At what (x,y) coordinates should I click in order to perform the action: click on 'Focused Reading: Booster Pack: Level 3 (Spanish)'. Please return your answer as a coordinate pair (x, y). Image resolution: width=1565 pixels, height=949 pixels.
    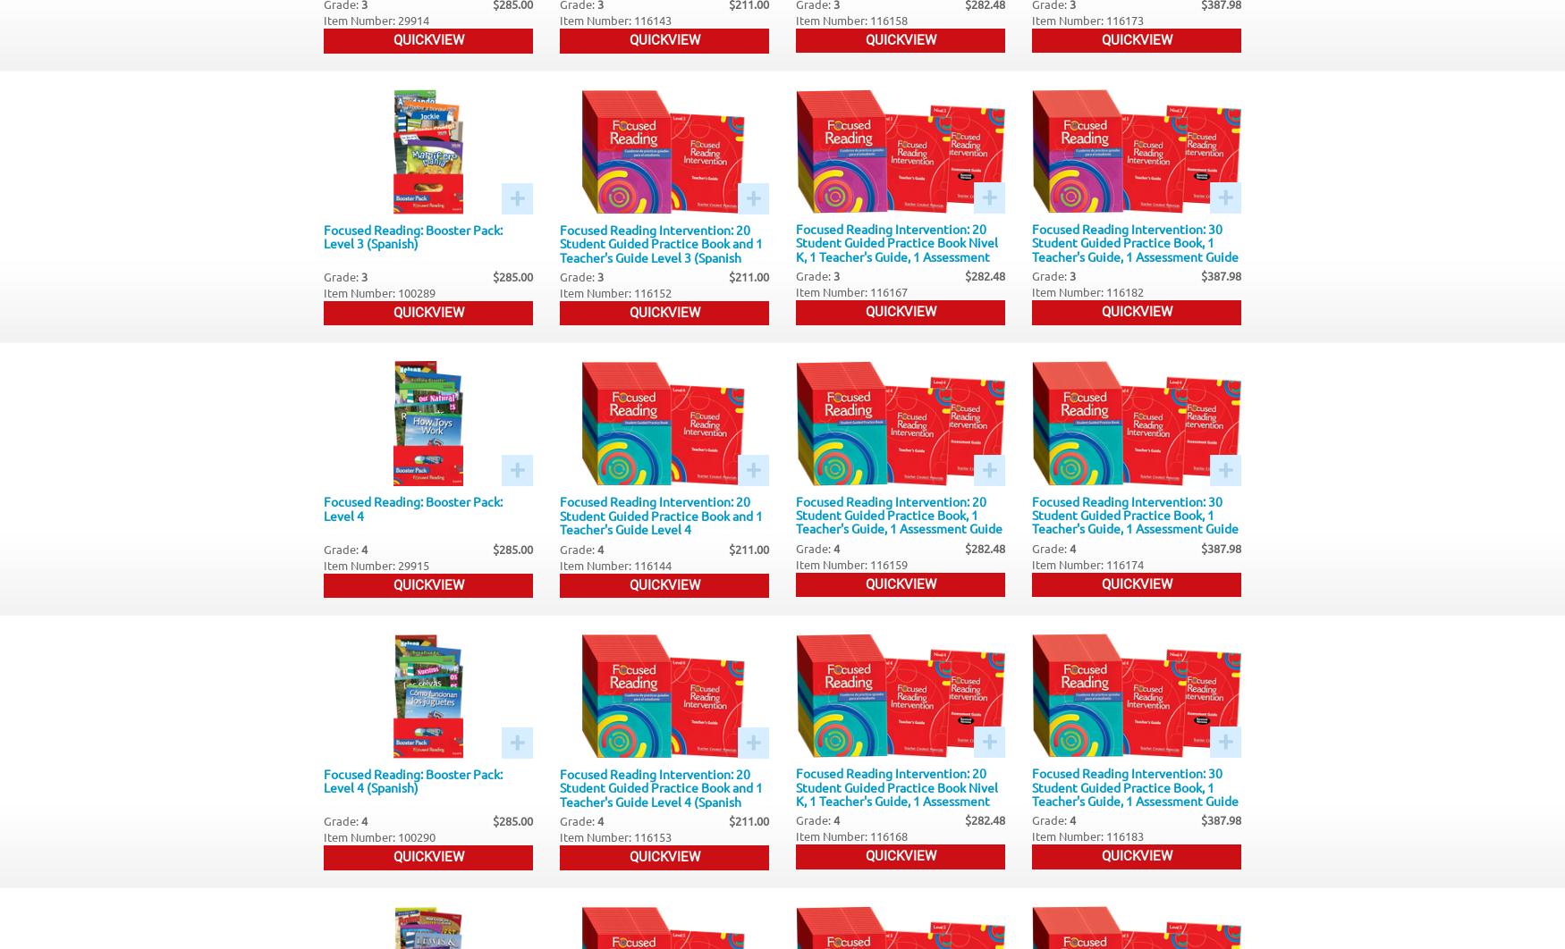
    Looking at the image, I should click on (324, 236).